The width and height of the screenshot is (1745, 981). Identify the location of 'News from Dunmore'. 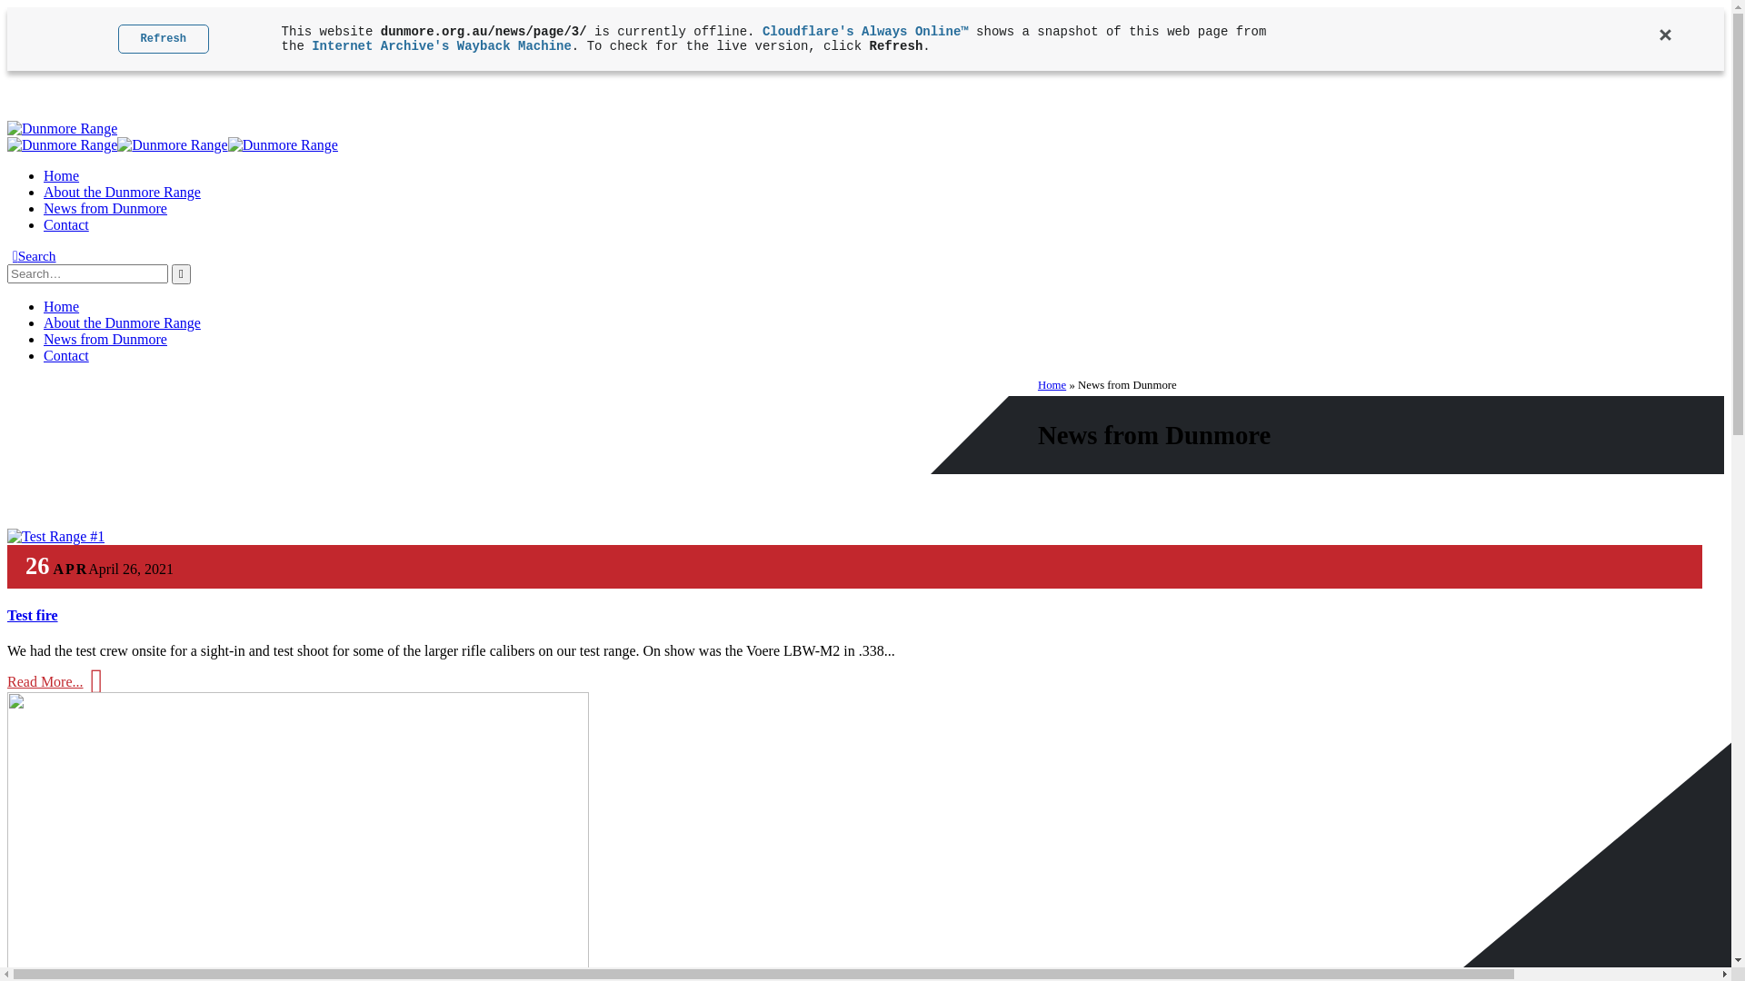
(104, 207).